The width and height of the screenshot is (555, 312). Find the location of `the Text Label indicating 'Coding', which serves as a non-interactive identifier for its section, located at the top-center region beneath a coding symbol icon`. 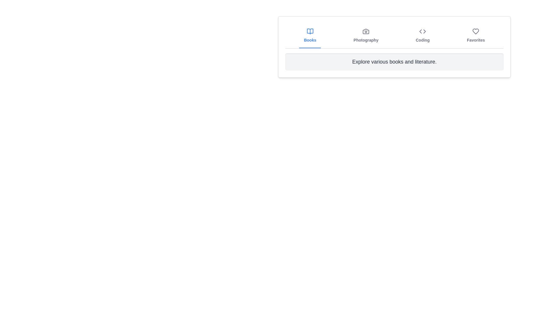

the Text Label indicating 'Coding', which serves as a non-interactive identifier for its section, located at the top-center region beneath a coding symbol icon is located at coordinates (423, 40).